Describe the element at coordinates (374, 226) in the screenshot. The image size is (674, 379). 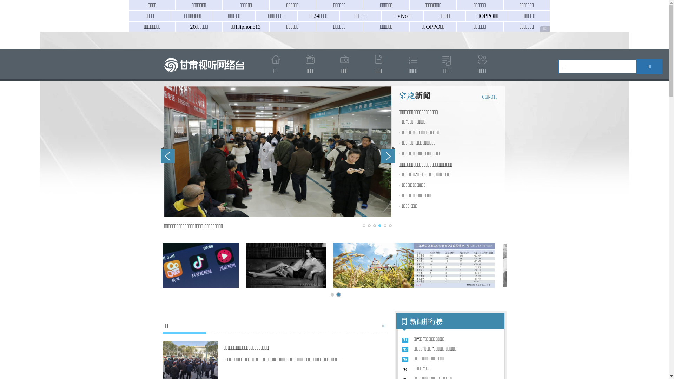
I see `'3'` at that location.